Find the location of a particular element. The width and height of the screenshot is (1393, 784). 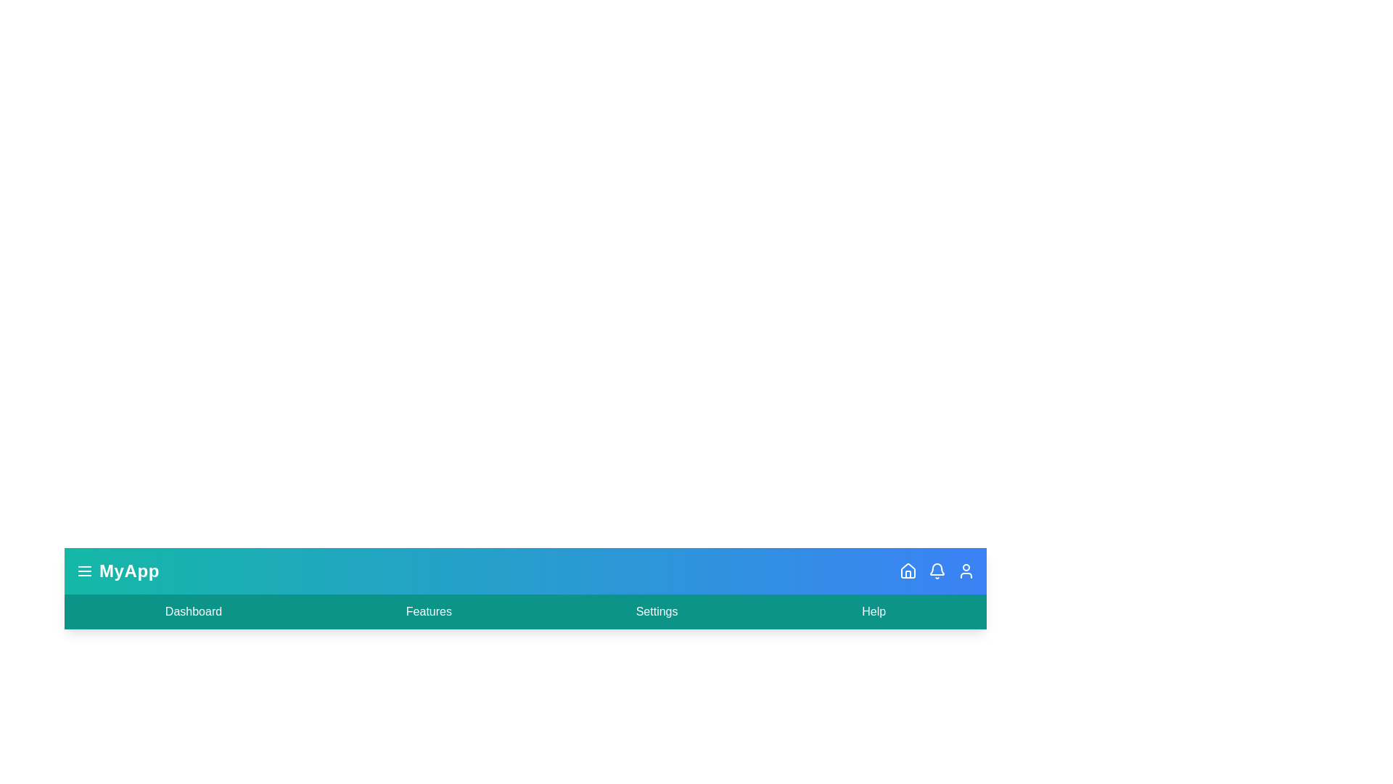

the user icon to view user information is located at coordinates (966, 570).